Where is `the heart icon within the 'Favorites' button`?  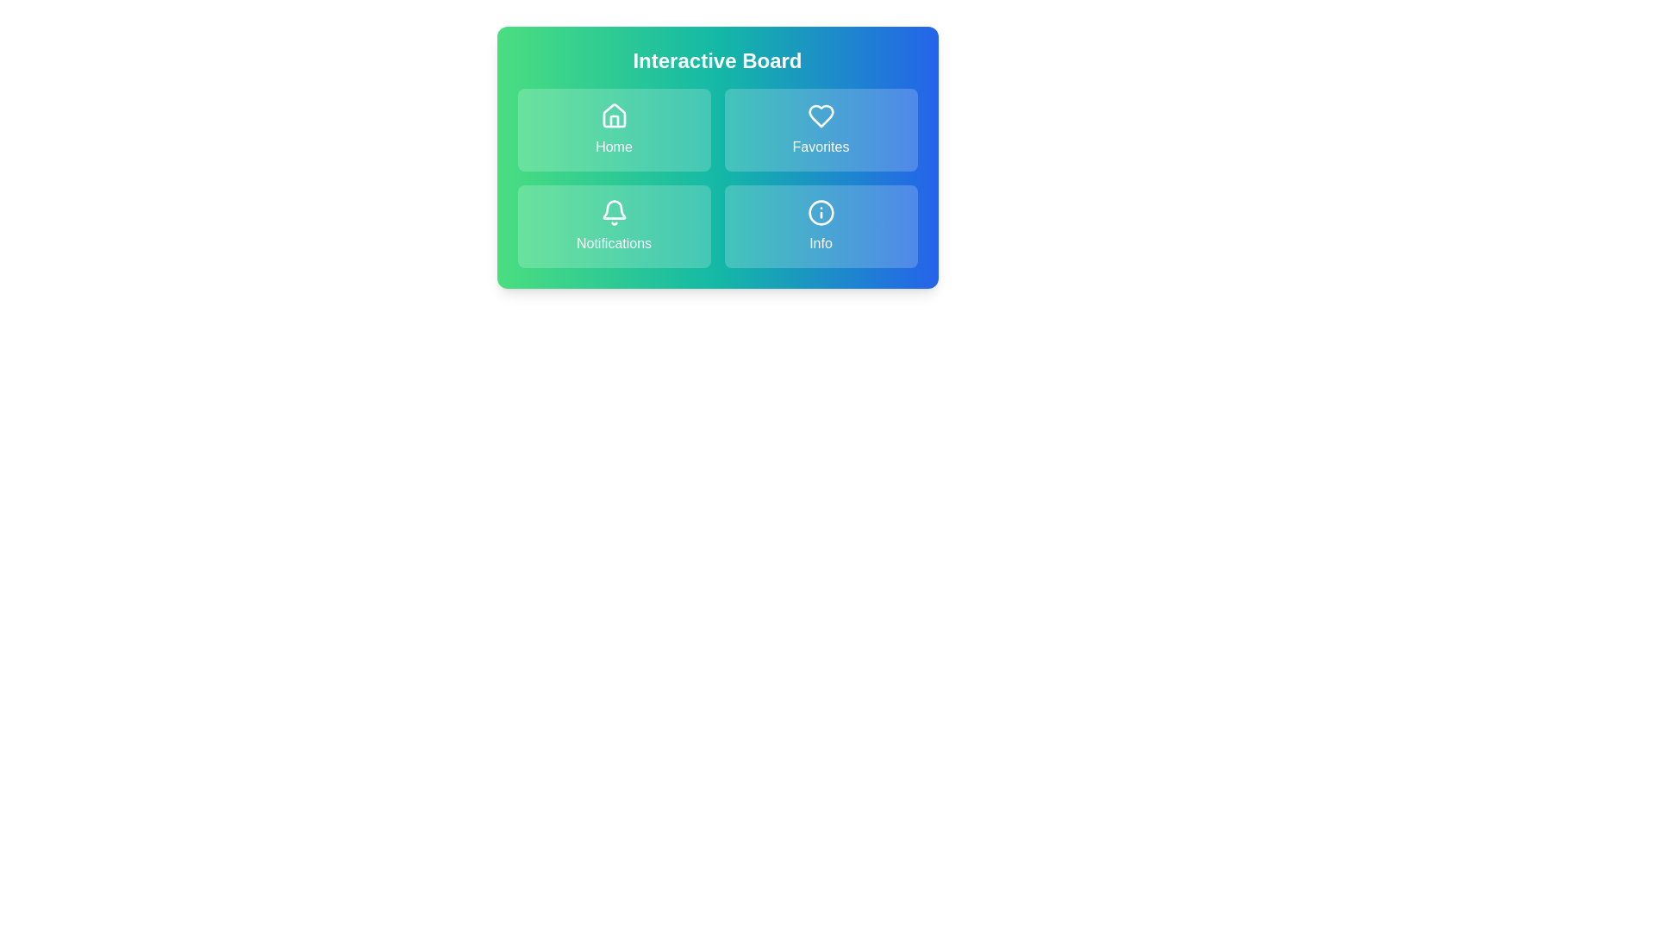 the heart icon within the 'Favorites' button is located at coordinates (820, 116).